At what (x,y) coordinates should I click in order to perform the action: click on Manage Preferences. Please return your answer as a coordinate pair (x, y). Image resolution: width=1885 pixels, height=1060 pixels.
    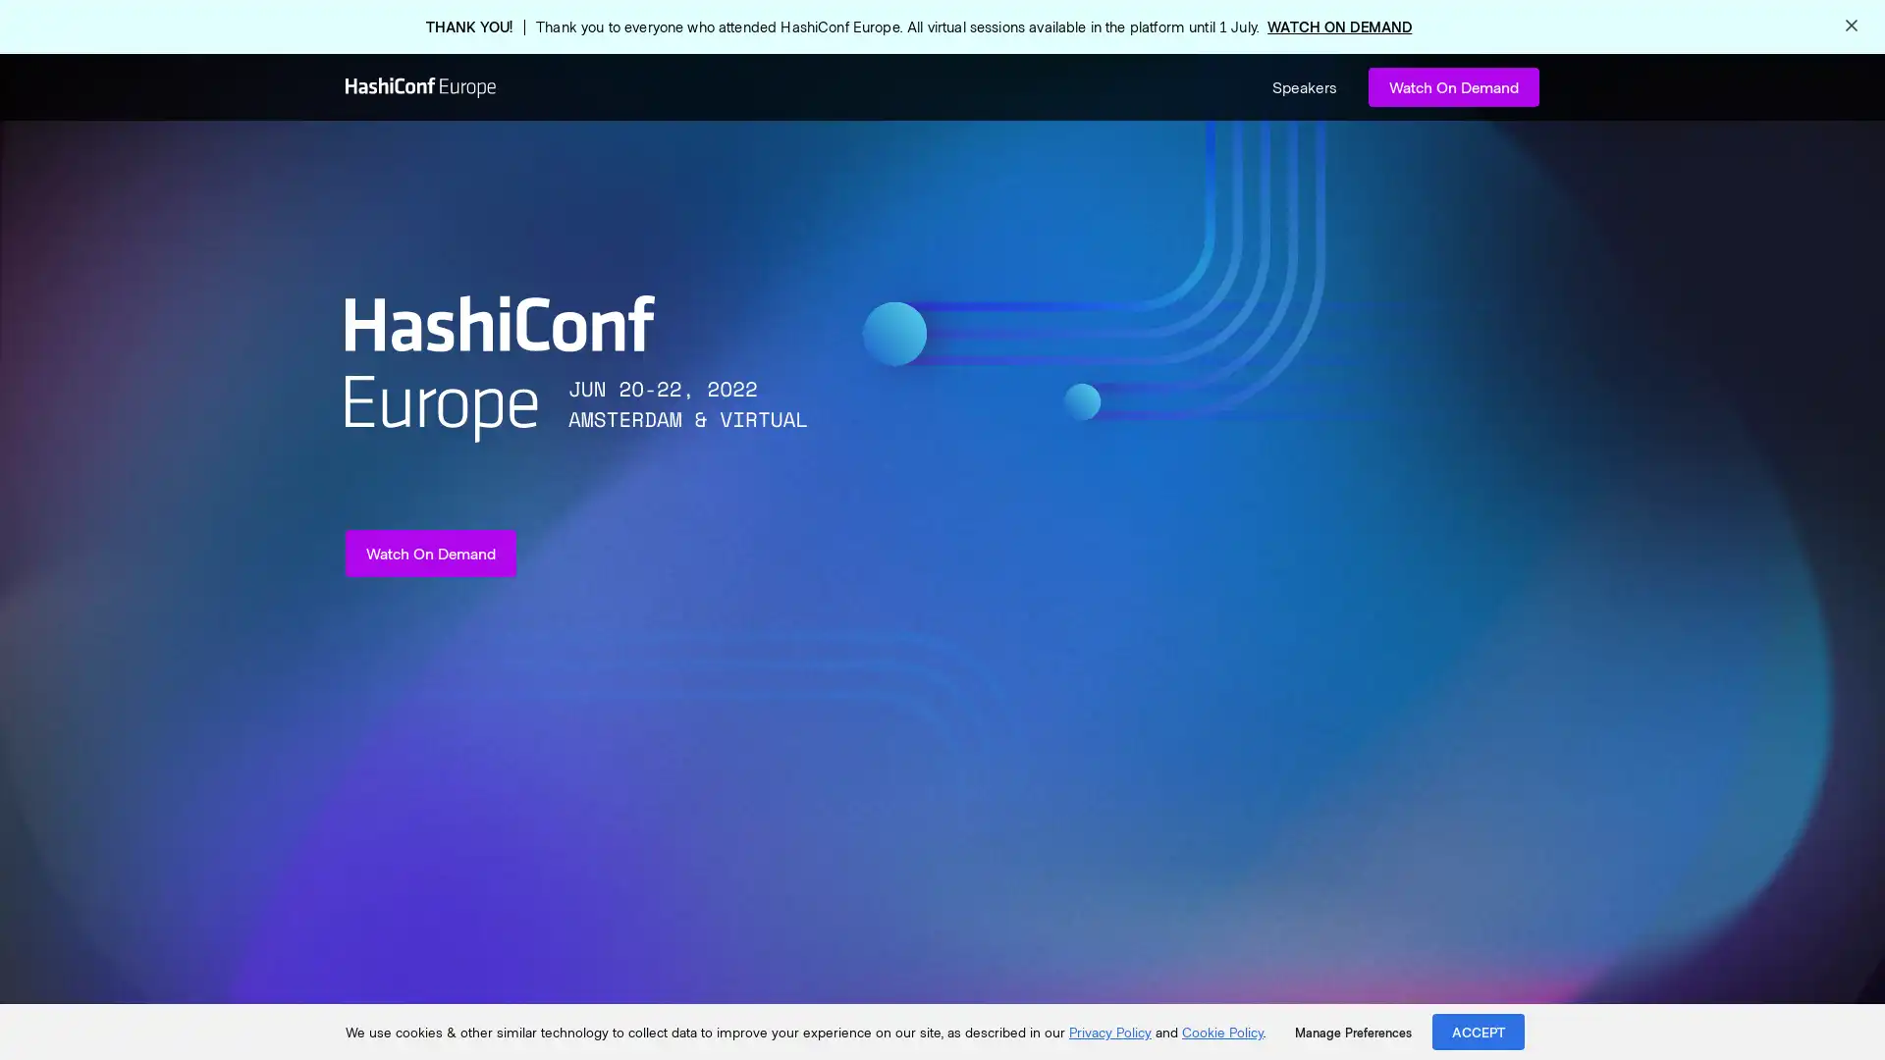
    Looking at the image, I should click on (1352, 1032).